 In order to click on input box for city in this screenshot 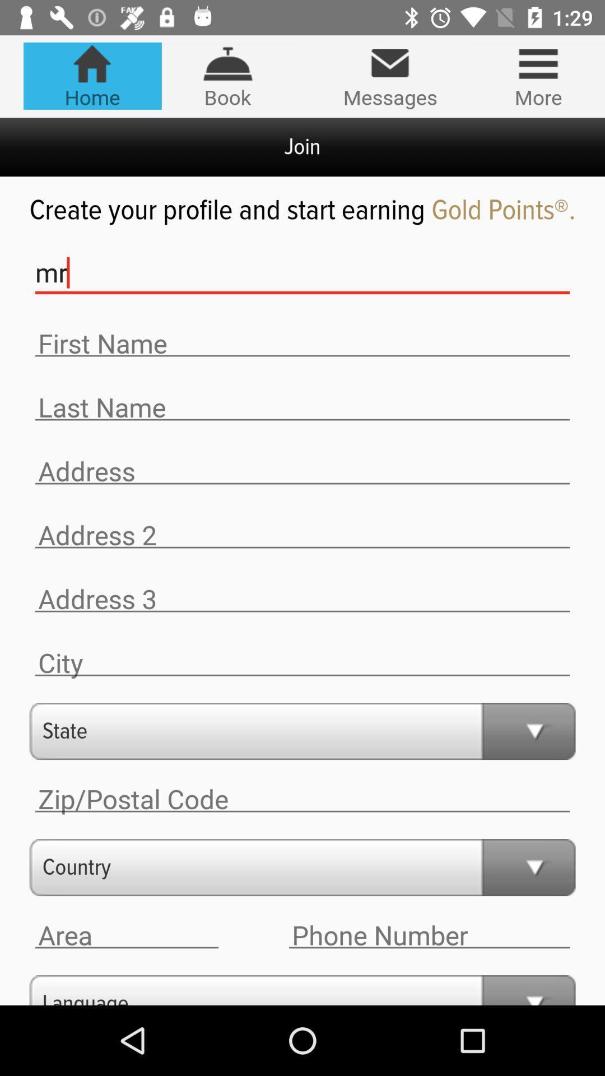, I will do `click(302, 663)`.